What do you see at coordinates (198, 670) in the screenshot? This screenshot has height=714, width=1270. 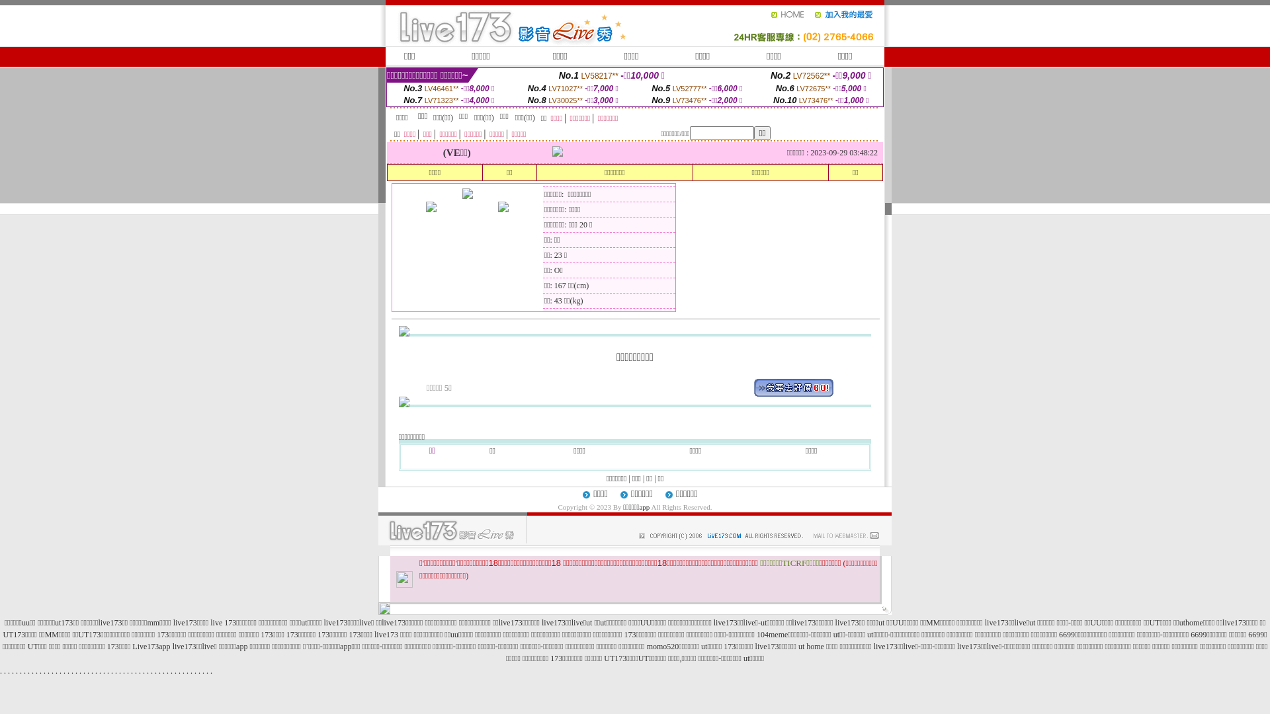 I see `'.'` at bounding box center [198, 670].